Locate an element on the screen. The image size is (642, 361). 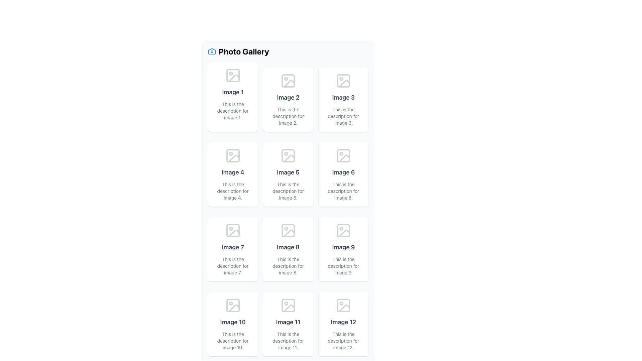
the Gallery Item titled 'Image 4', which is the first item in the second row of the grid is located at coordinates (233, 174).